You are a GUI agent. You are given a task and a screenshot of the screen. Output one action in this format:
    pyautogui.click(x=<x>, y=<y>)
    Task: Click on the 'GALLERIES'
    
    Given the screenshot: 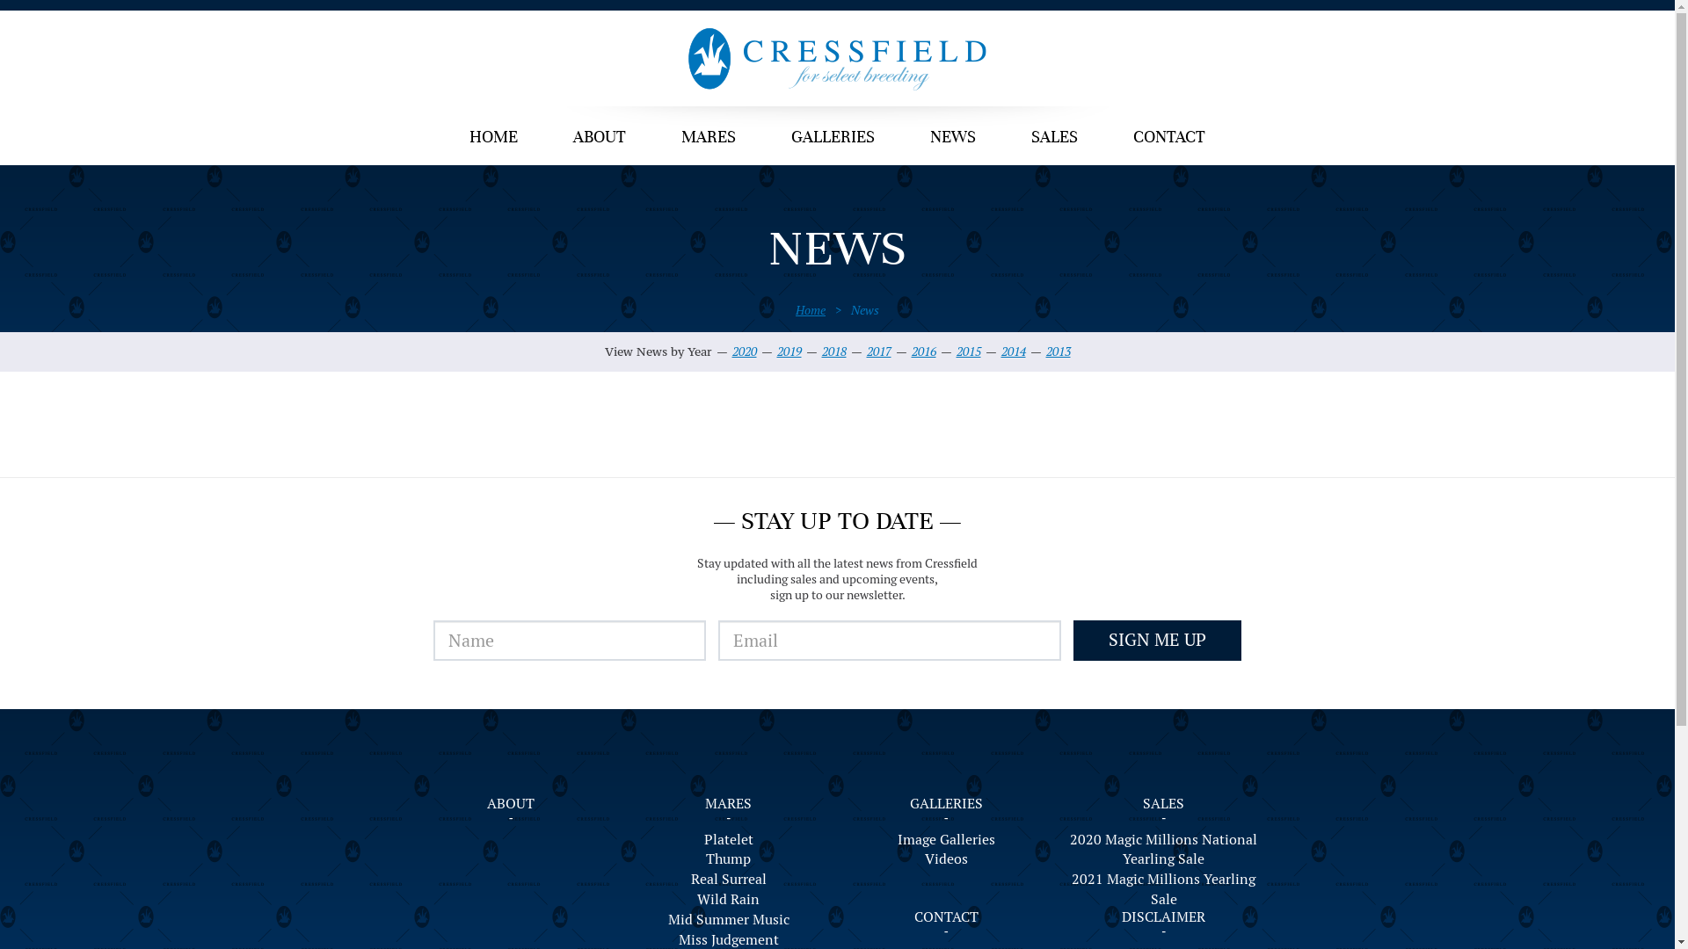 What is the action you would take?
    pyautogui.click(x=832, y=138)
    